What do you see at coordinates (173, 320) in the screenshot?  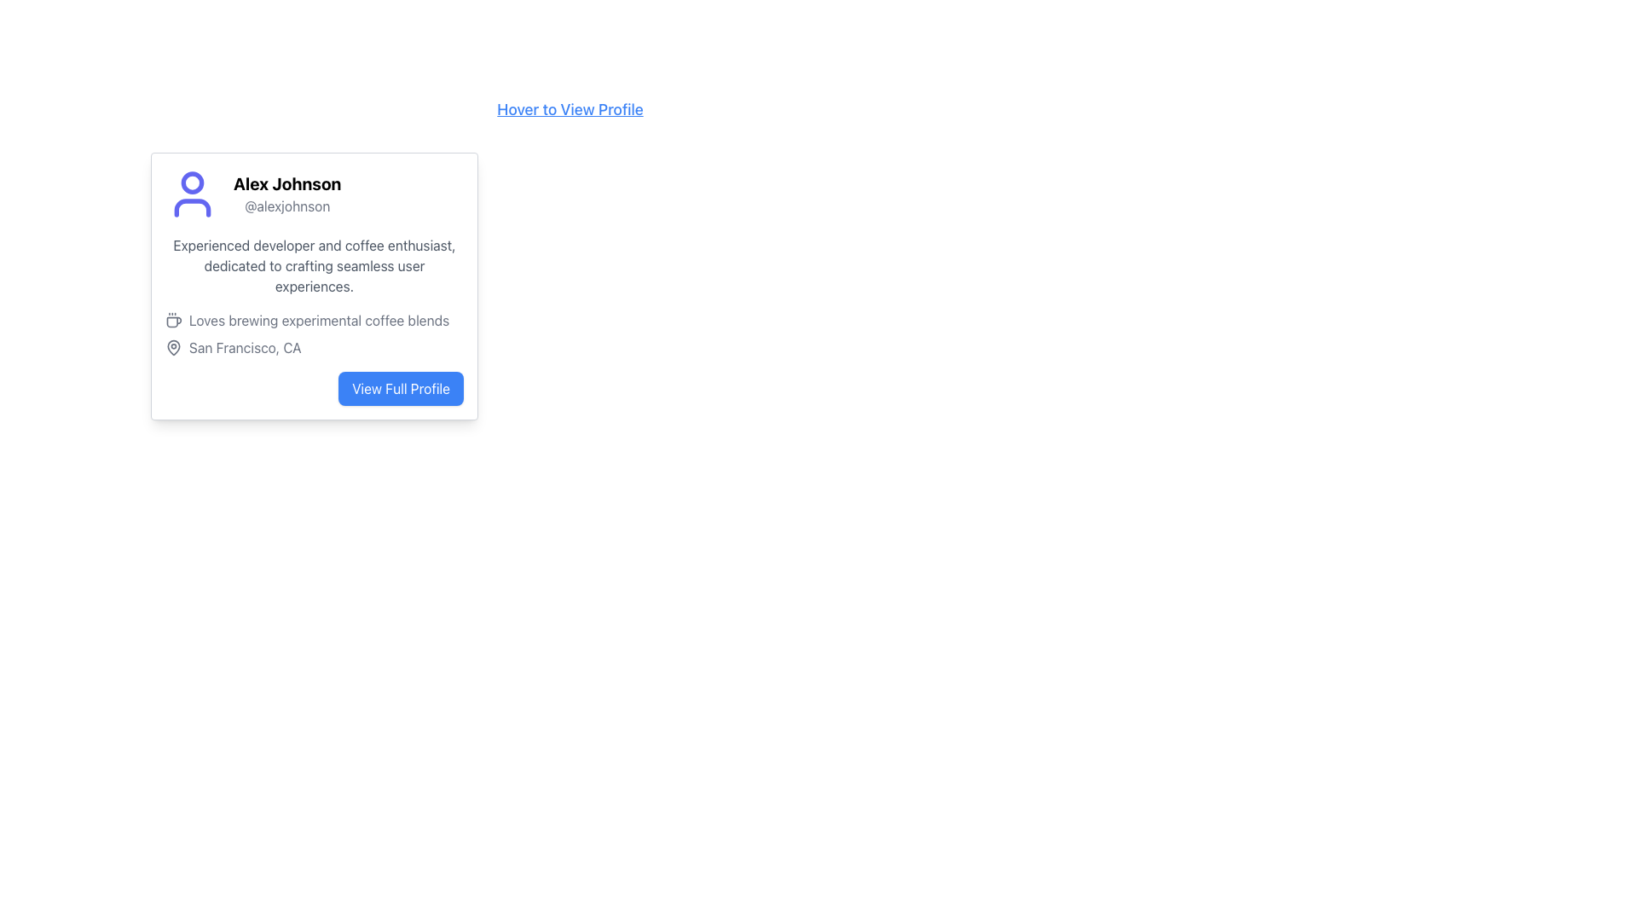 I see `the coffee cup icon with steam lines, located to the left of the text 'Loves brewing experimental coffee blends' in the profile card` at bounding box center [173, 320].